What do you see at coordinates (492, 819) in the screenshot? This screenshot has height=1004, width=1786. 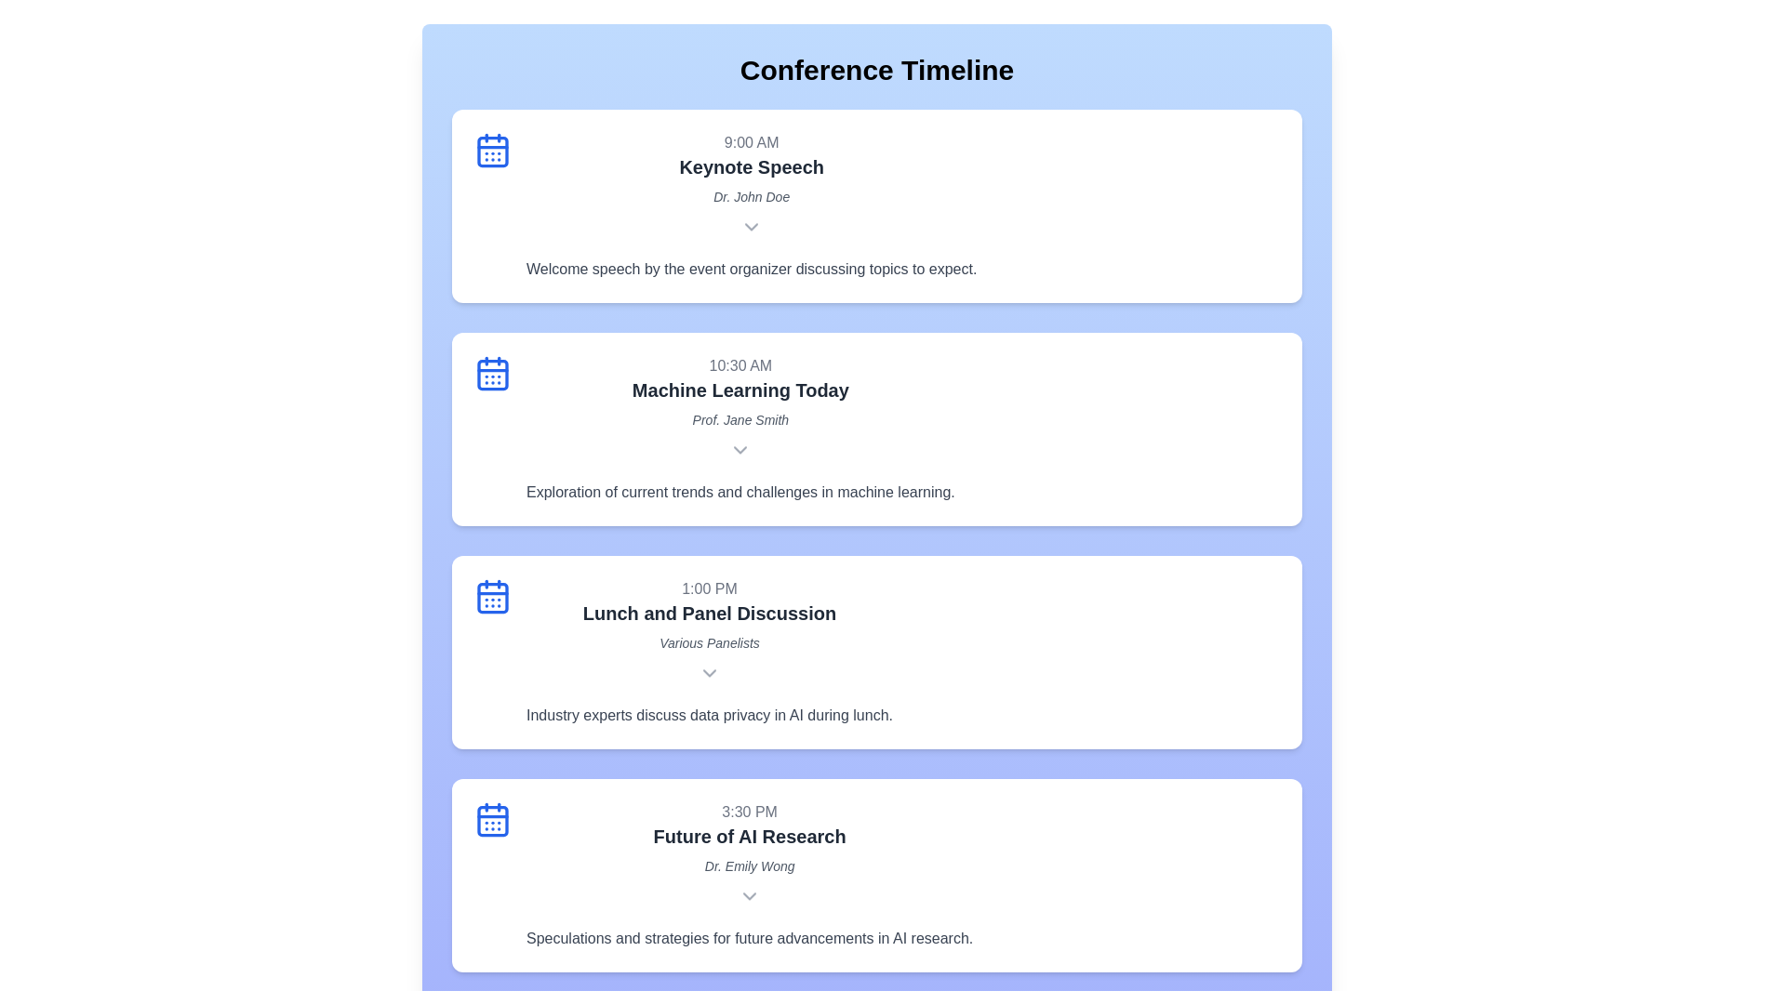 I see `the calendar icon with a blue outline located in the top-left corner of the fourth event card titled 'Future of AI Research', positioned above the event time '3:30 PM'` at bounding box center [492, 819].